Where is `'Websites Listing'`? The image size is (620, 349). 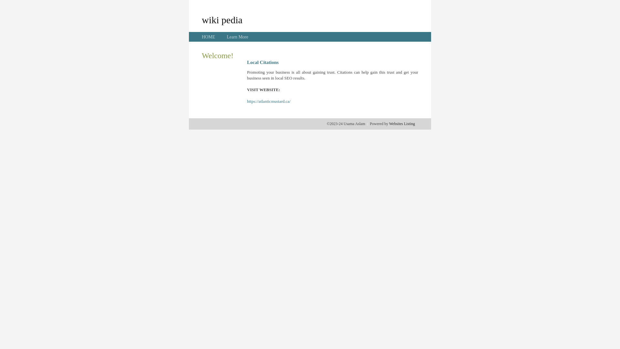 'Websites Listing' is located at coordinates (401, 123).